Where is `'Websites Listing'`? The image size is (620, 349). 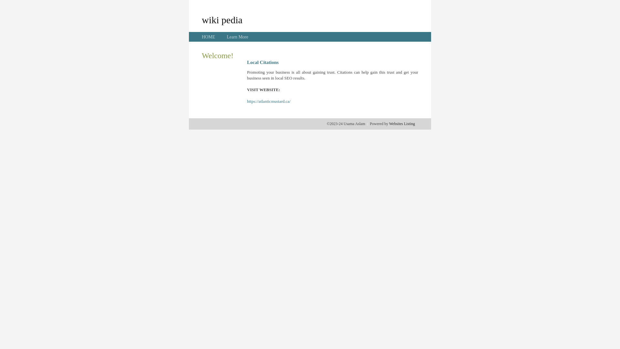 'Websites Listing' is located at coordinates (401, 123).